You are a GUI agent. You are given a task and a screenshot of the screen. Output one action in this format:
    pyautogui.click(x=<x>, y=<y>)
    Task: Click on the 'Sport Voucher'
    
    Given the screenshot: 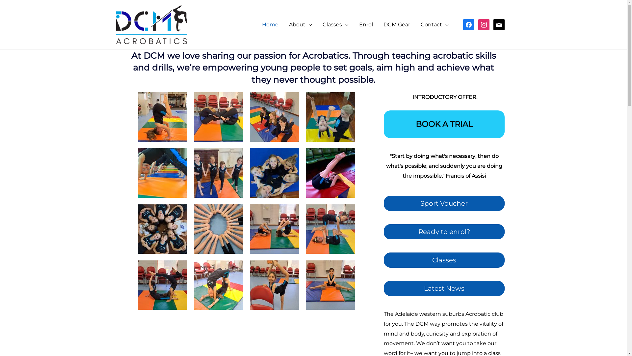 What is the action you would take?
    pyautogui.click(x=444, y=203)
    